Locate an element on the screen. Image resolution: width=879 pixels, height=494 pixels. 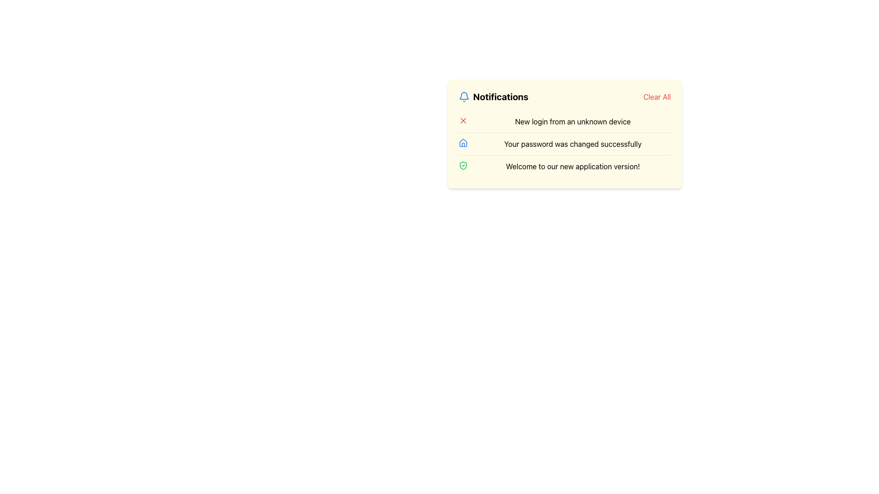
text element that serves as a section title for notifications, located to the right of the bell icon in the notification card is located at coordinates (500, 97).